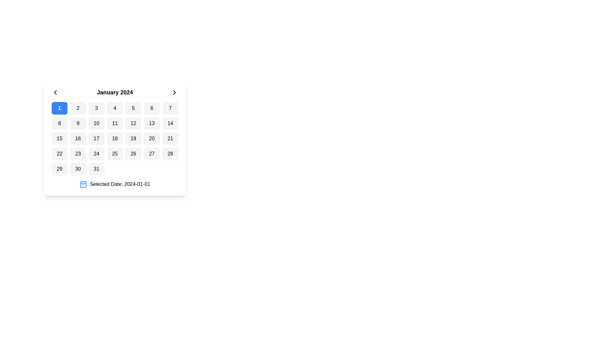  Describe the element at coordinates (170, 138) in the screenshot. I see `the button representing the 21st day of the month in the calendar interface` at that location.